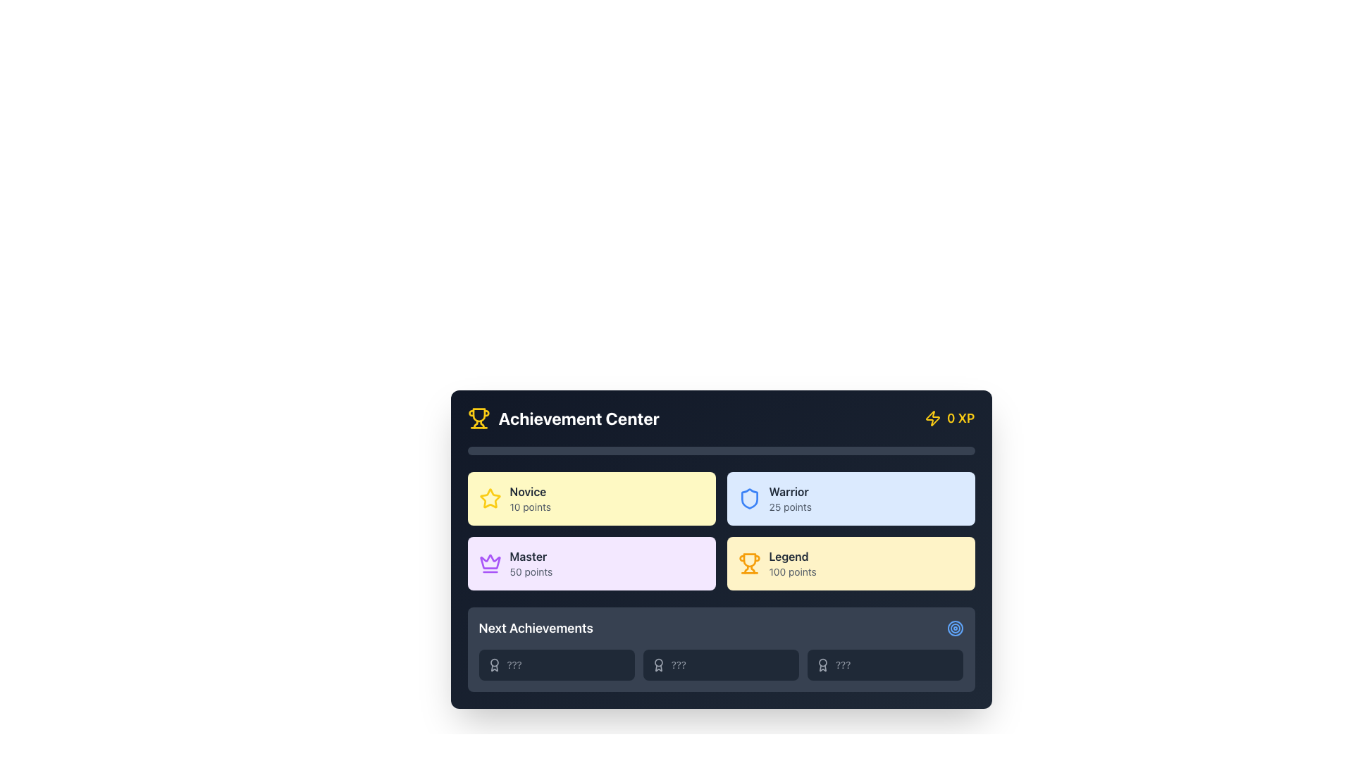  Describe the element at coordinates (793, 572) in the screenshot. I see `the text label displaying the numeric score for the 'Legend' achievement, which is located in the bottom-right segment of the 'Achievement Center'` at that location.